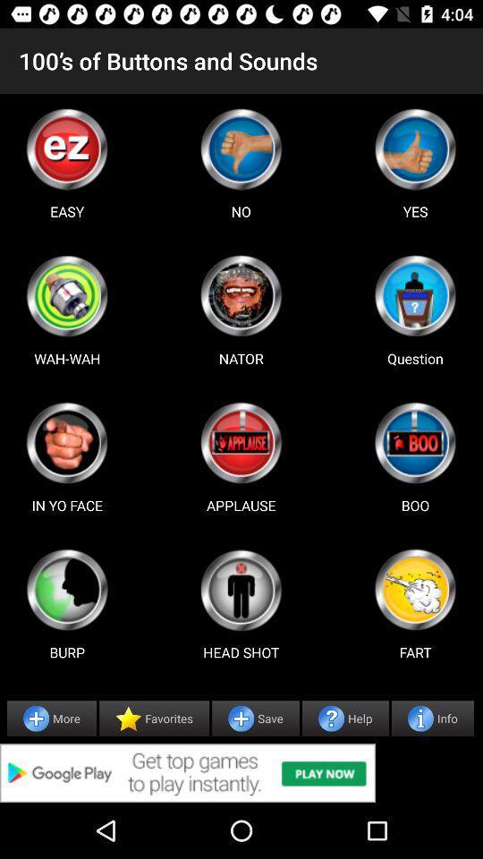  Describe the element at coordinates (241, 589) in the screenshot. I see `head shot sound` at that location.